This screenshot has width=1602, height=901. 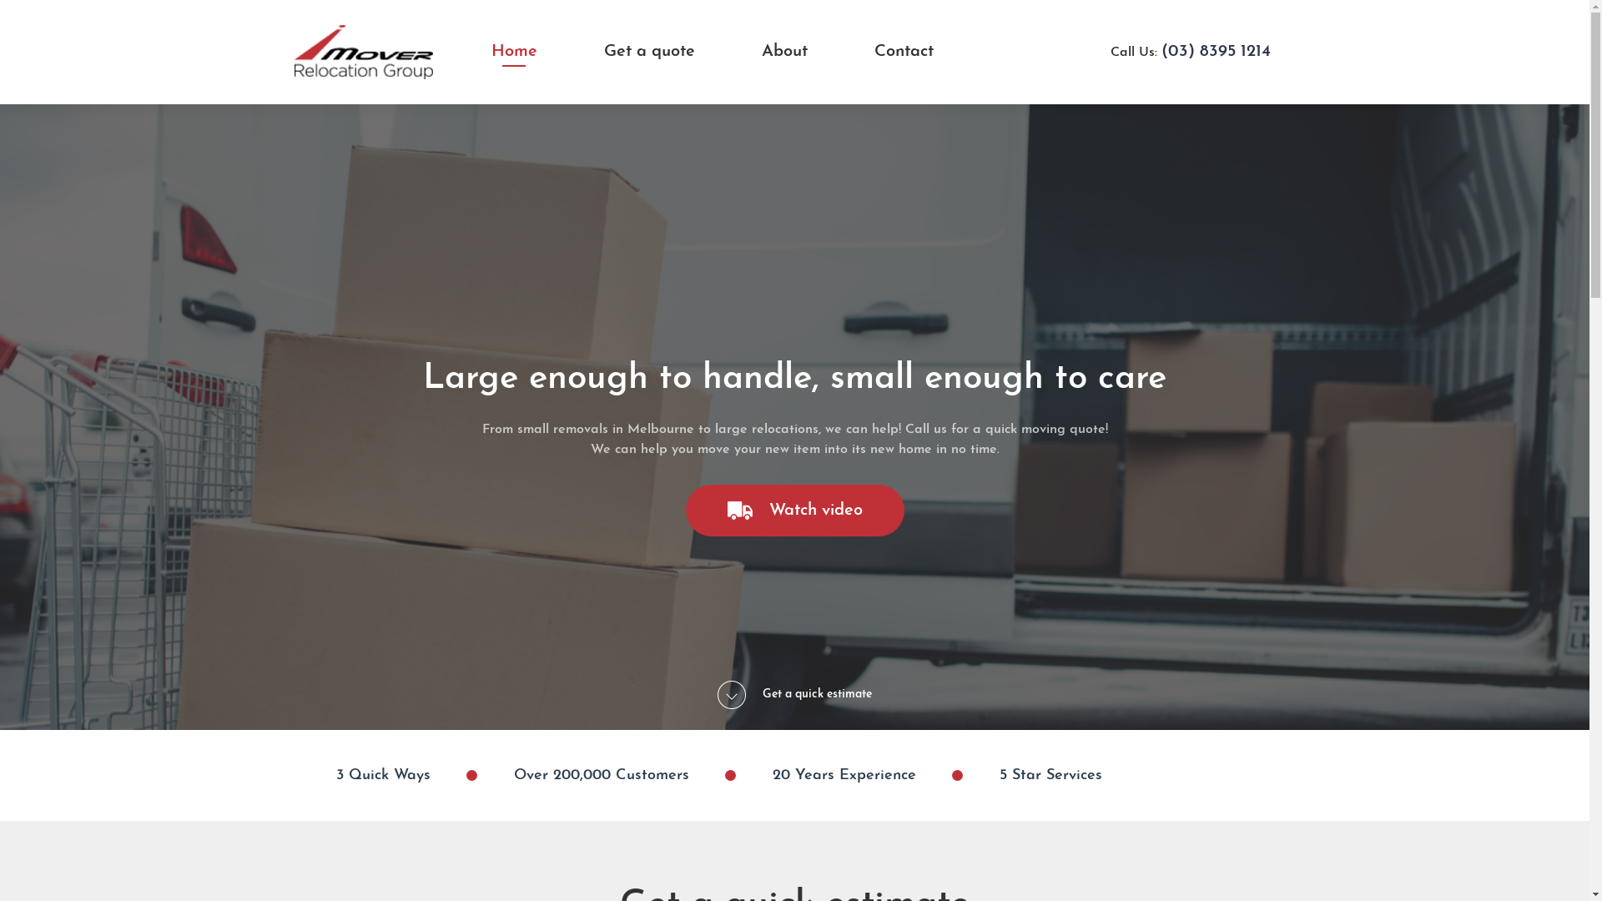 I want to click on 'About', so click(x=783, y=50).